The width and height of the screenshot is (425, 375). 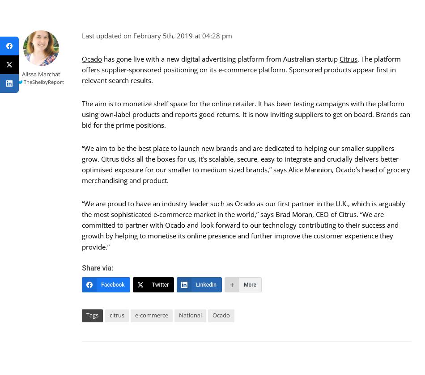 What do you see at coordinates (221, 58) in the screenshot?
I see `'has gone live with a new digital advertising platform from Australian startup'` at bounding box center [221, 58].